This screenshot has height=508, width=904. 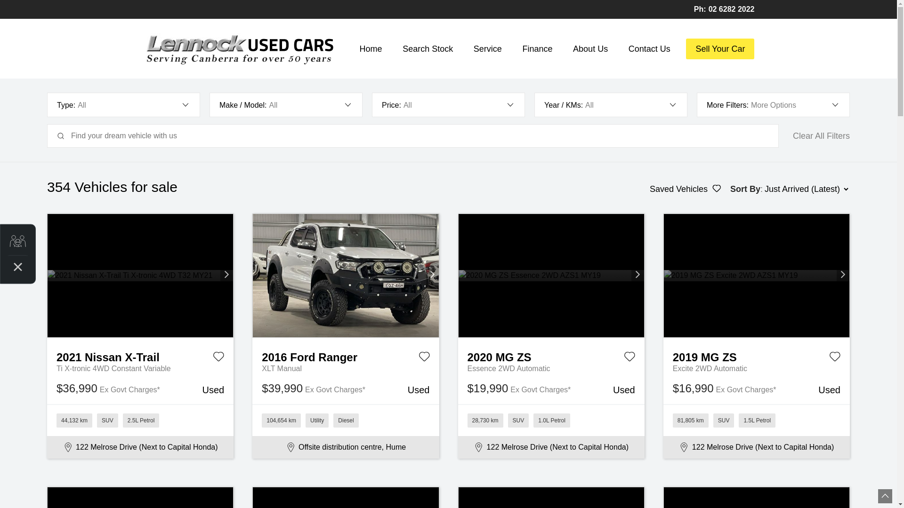 I want to click on '2016 Ford Ranger XLT PX MkII', so click(x=345, y=275).